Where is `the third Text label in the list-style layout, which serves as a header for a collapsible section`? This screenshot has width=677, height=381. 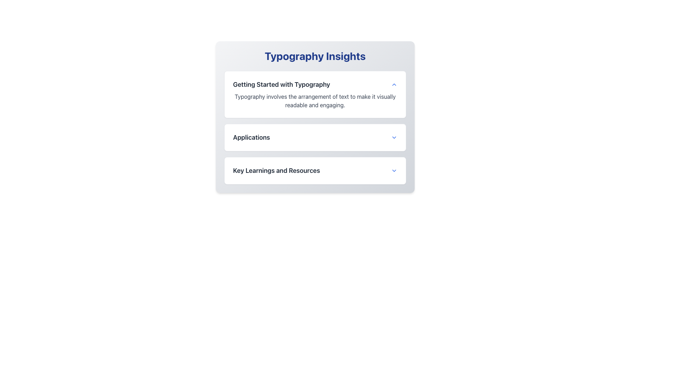 the third Text label in the list-style layout, which serves as a header for a collapsible section is located at coordinates (276, 170).